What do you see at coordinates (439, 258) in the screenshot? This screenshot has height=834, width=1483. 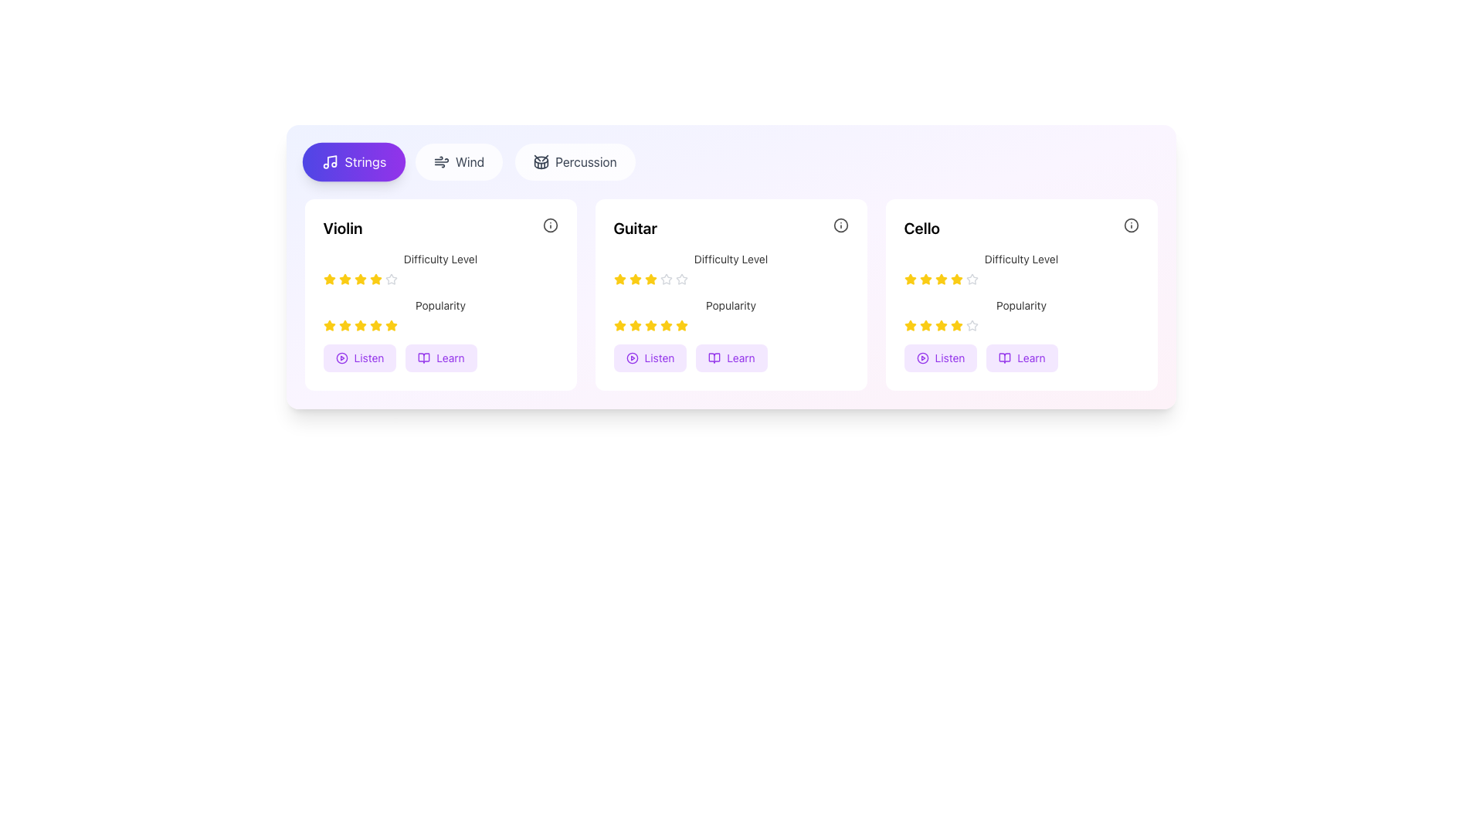 I see `the static text label 'Difficulty Level' displayed in a small-sized, semi-opaque font within the rating card for the instrument 'Violin'. This label is positioned just below the title of 'Violin' and above the rating stars` at bounding box center [439, 258].